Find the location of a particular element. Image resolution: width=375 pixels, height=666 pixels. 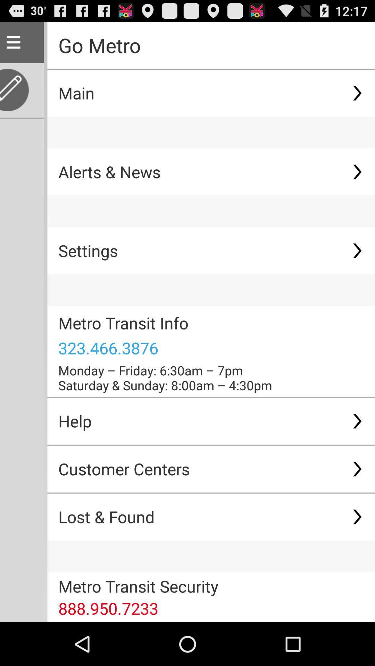

the edit icon is located at coordinates (16, 96).